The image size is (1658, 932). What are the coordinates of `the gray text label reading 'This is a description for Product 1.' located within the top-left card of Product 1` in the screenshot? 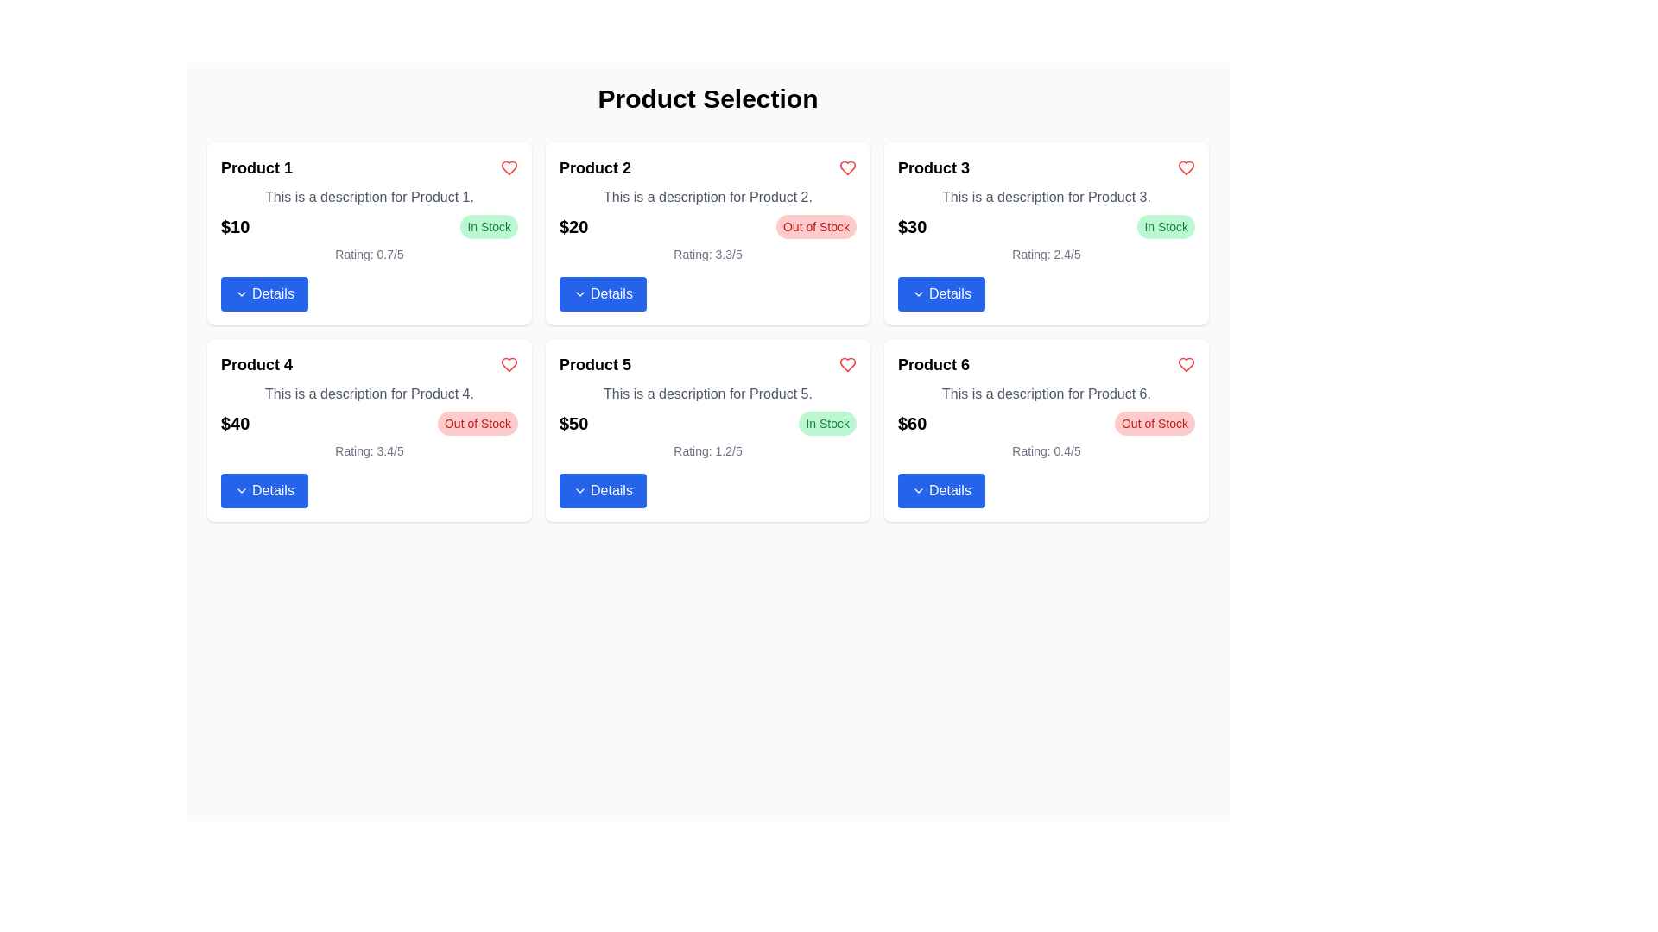 It's located at (368, 196).